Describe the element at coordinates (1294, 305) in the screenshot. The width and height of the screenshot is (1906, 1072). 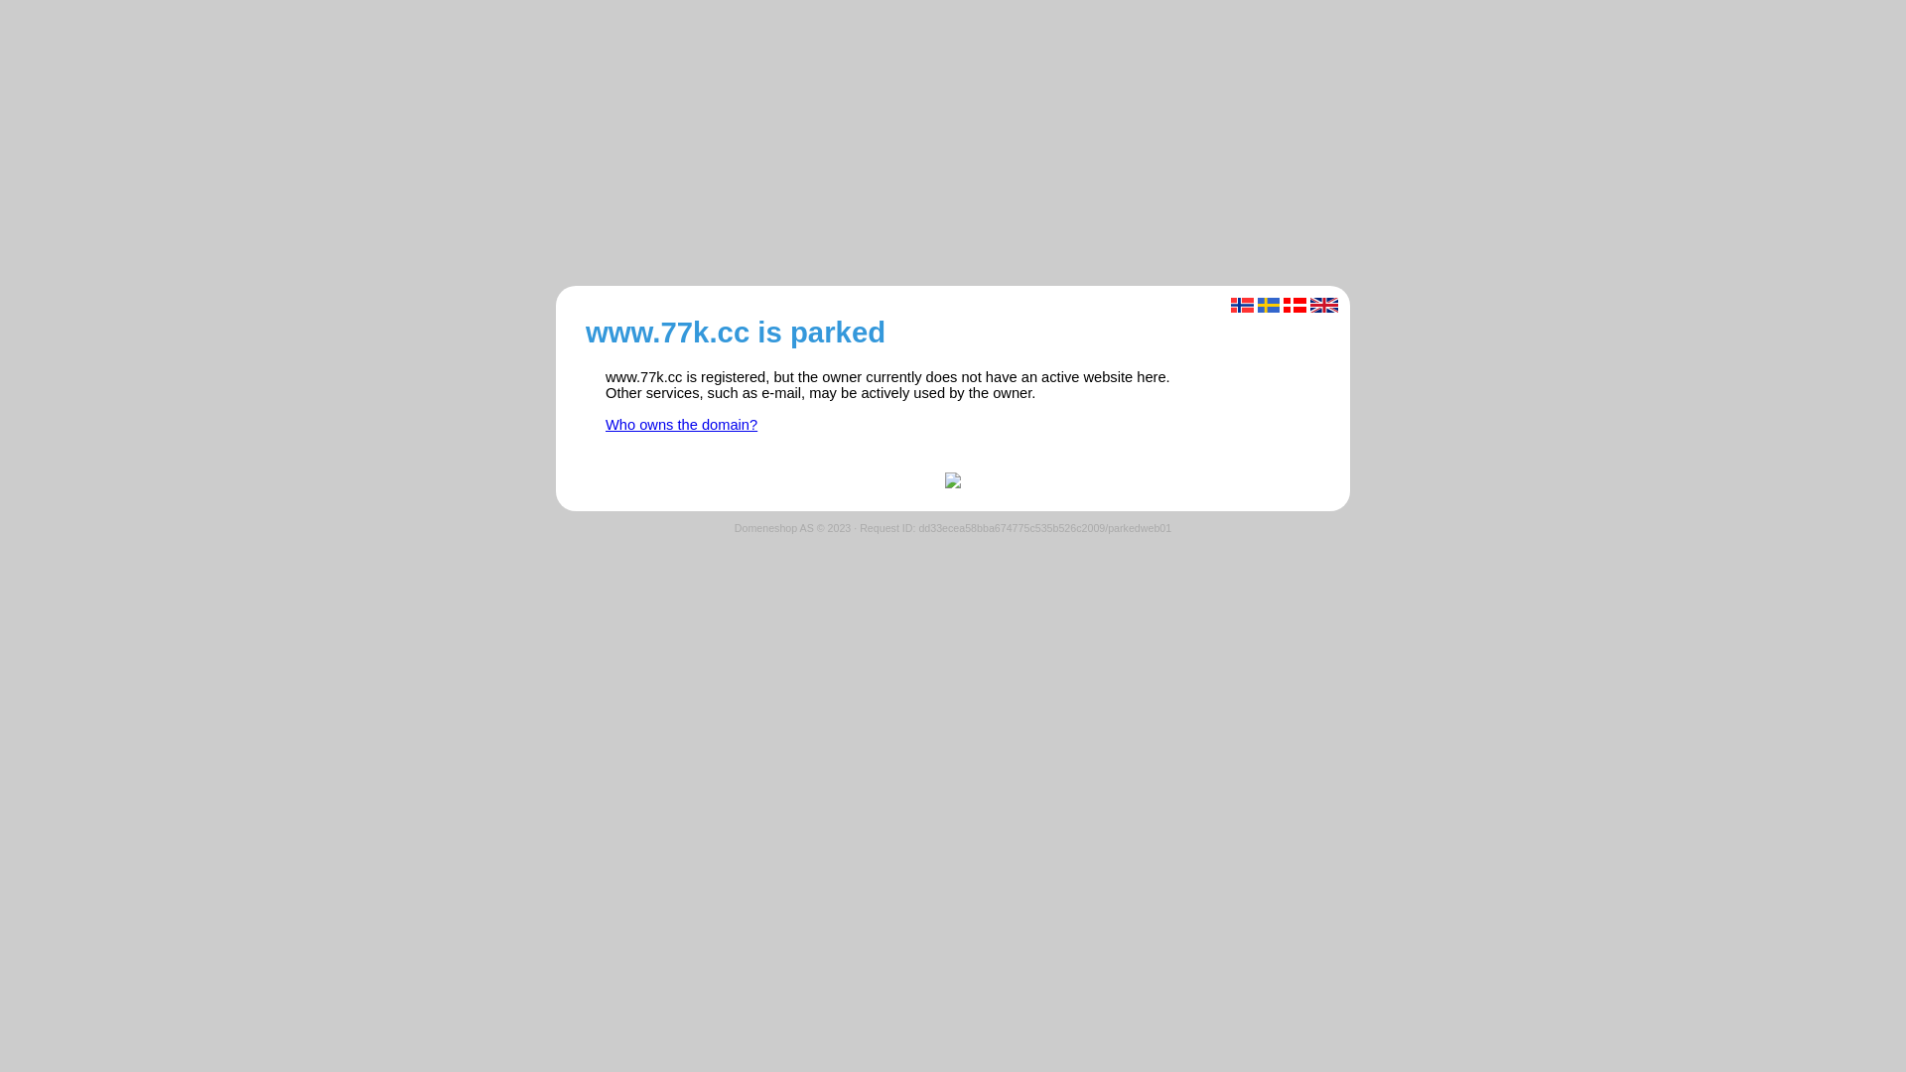
I see `'Dansk'` at that location.